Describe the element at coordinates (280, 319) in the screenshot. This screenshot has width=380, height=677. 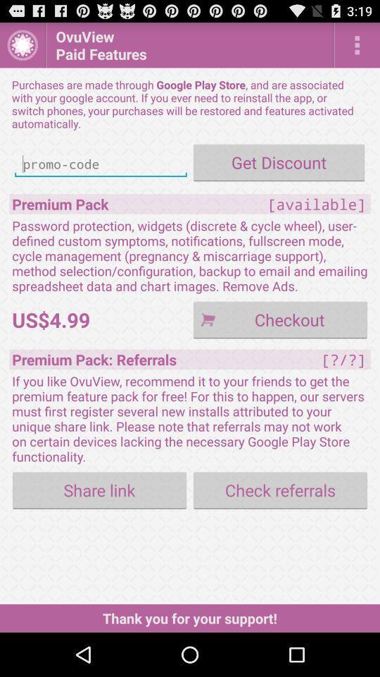
I see `the icon below password protection widgets icon` at that location.